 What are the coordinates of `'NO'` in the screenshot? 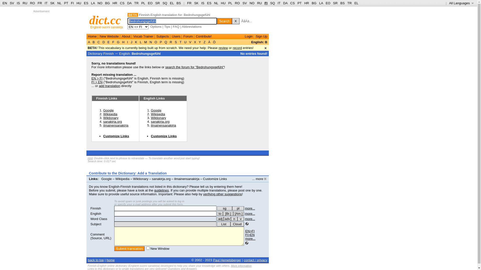 It's located at (100, 3).